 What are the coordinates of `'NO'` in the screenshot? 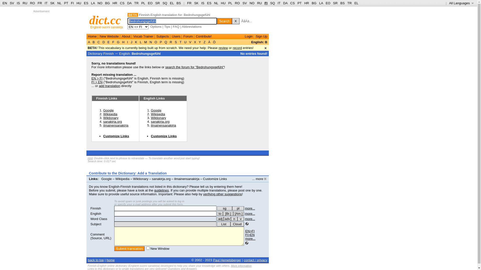 It's located at (100, 3).